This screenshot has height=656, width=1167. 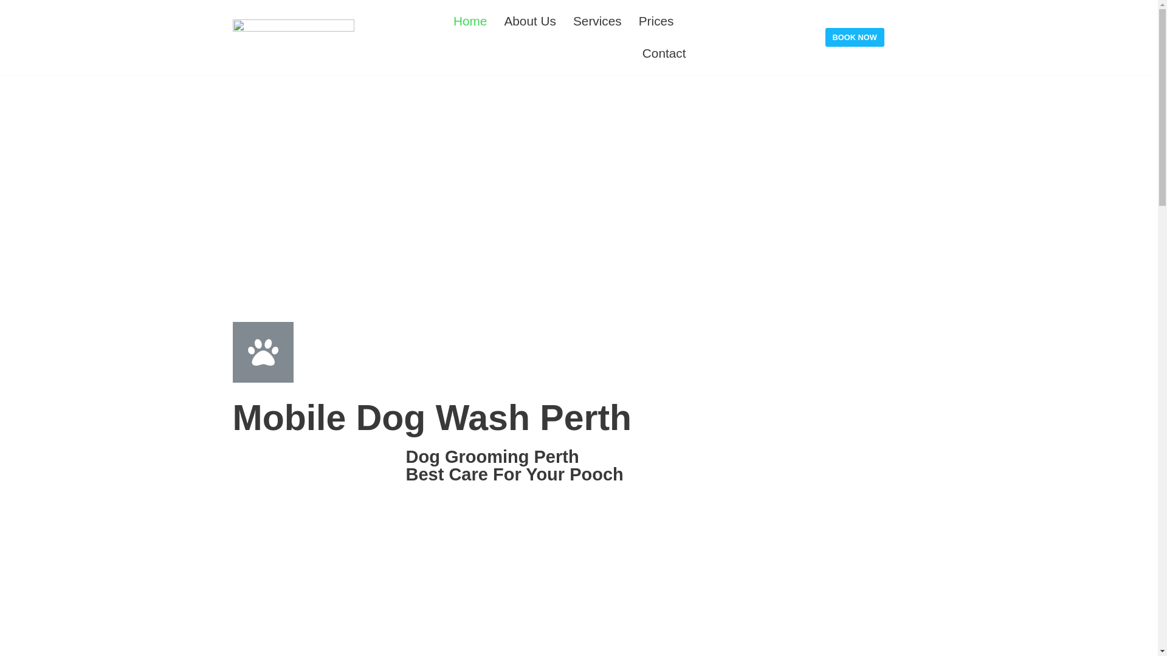 What do you see at coordinates (597, 21) in the screenshot?
I see `'Services'` at bounding box center [597, 21].